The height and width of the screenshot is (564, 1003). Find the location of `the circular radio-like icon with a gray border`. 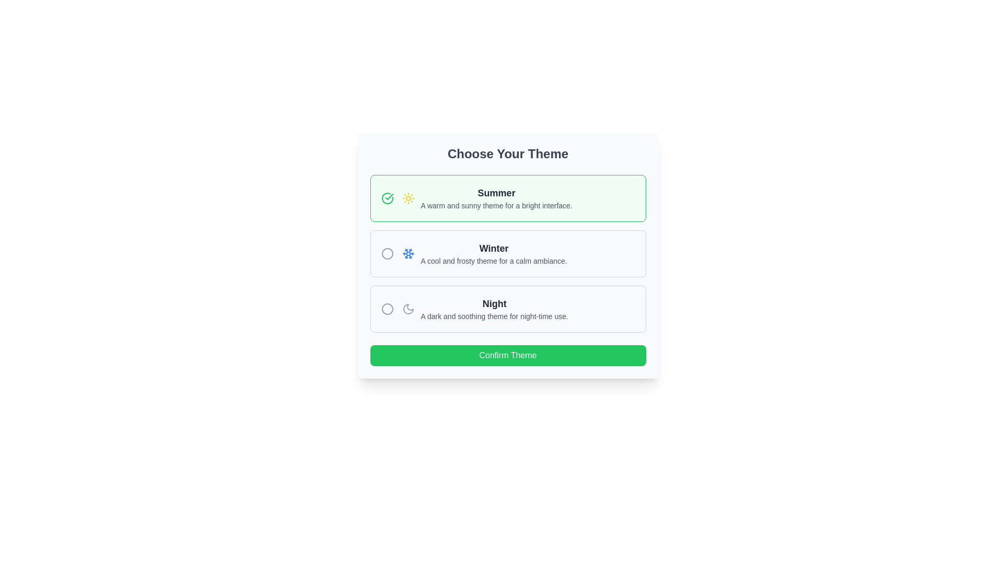

the circular radio-like icon with a gray border is located at coordinates (387, 254).